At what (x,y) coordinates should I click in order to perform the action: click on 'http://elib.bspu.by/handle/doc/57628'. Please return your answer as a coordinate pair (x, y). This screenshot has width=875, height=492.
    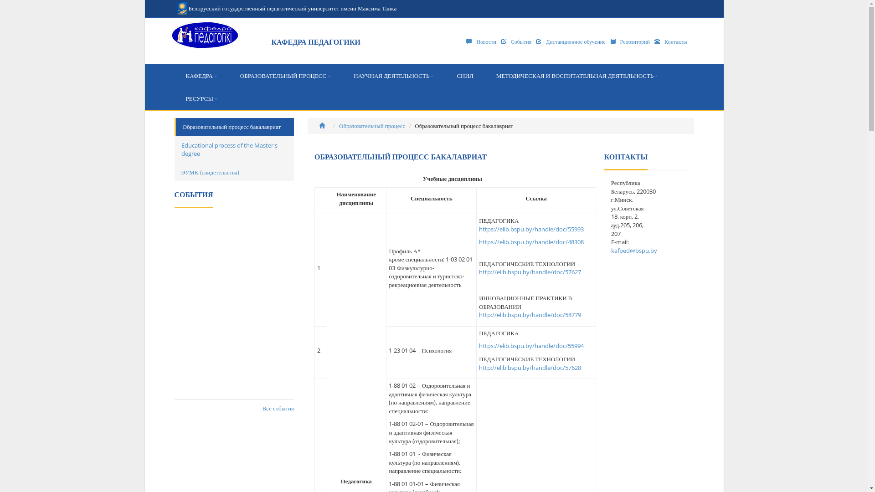
    Looking at the image, I should click on (530, 367).